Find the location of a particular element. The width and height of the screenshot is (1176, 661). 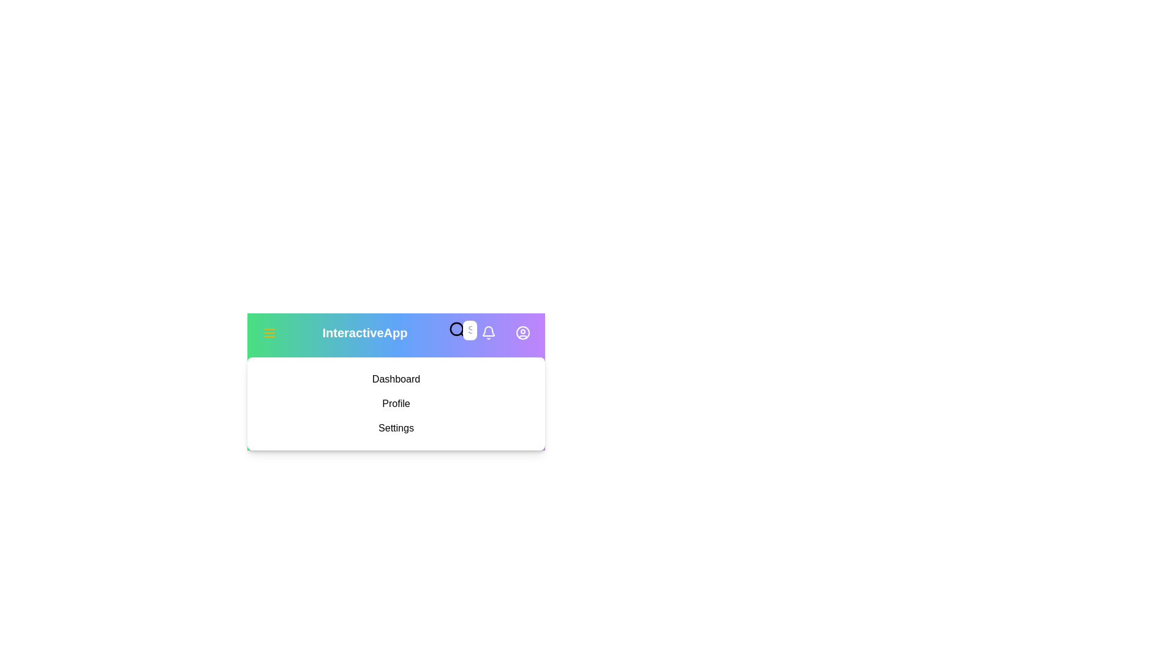

the menu icon button to toggle the sidebar is located at coordinates (269, 332).